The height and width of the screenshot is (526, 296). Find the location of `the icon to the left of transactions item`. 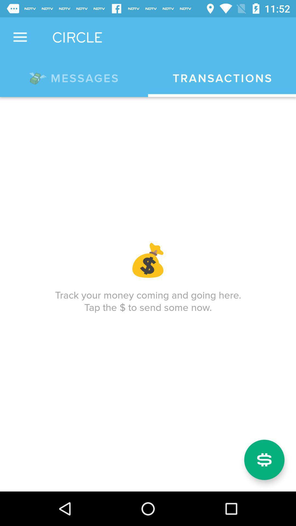

the icon to the left of transactions item is located at coordinates (74, 77).